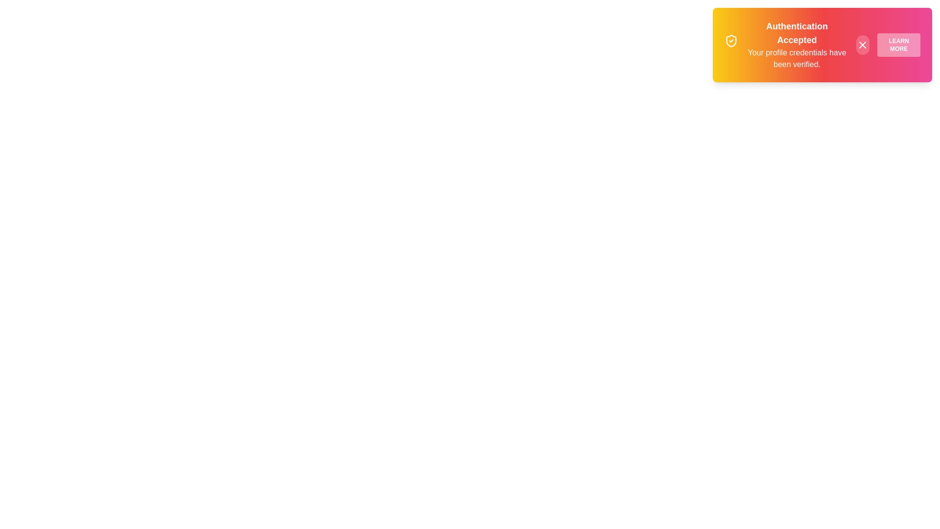  I want to click on 'Close' button to hide the notification, so click(862, 45).